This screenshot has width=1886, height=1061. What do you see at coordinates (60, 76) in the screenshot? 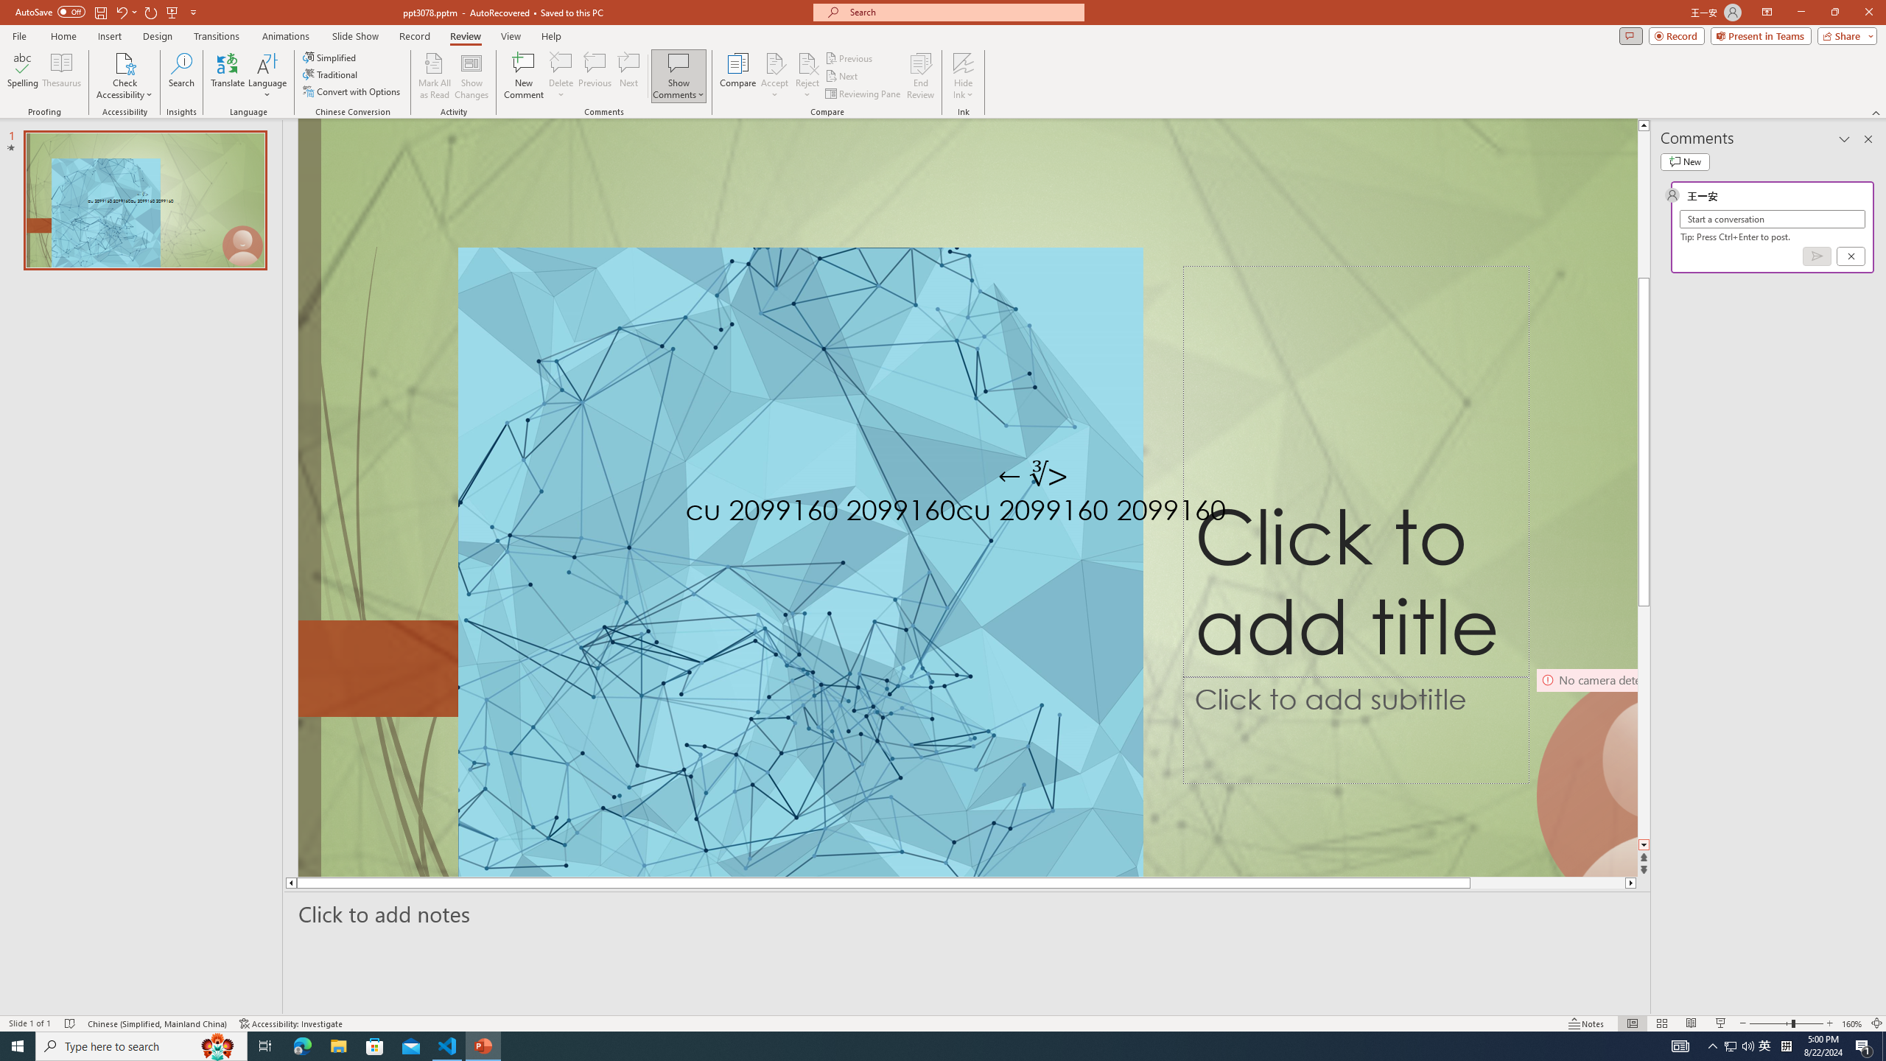
I see `'Thesaurus...'` at bounding box center [60, 76].